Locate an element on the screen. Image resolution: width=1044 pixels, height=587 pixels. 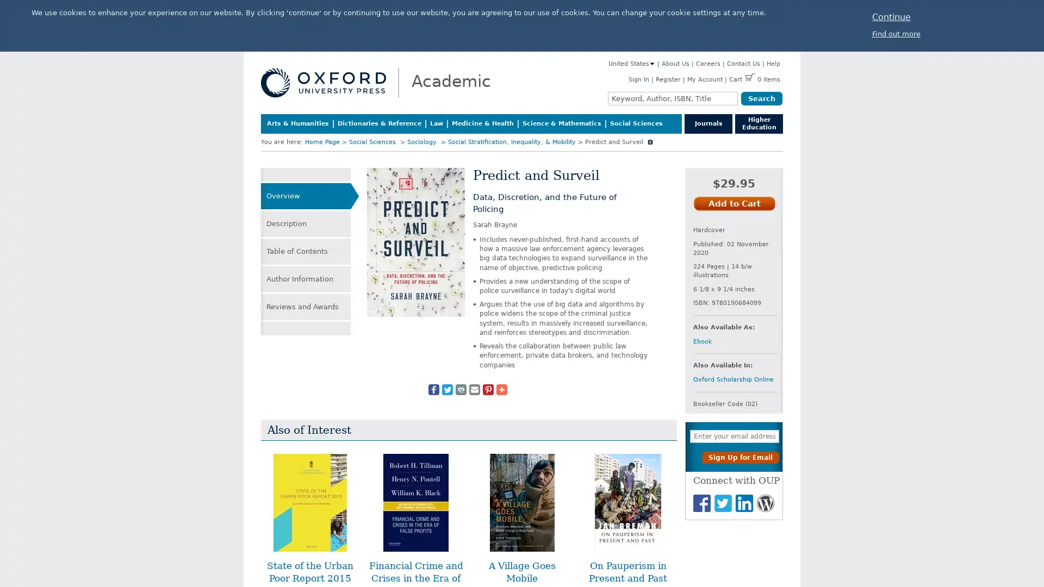
Sign Up for Email is located at coordinates (740, 457).